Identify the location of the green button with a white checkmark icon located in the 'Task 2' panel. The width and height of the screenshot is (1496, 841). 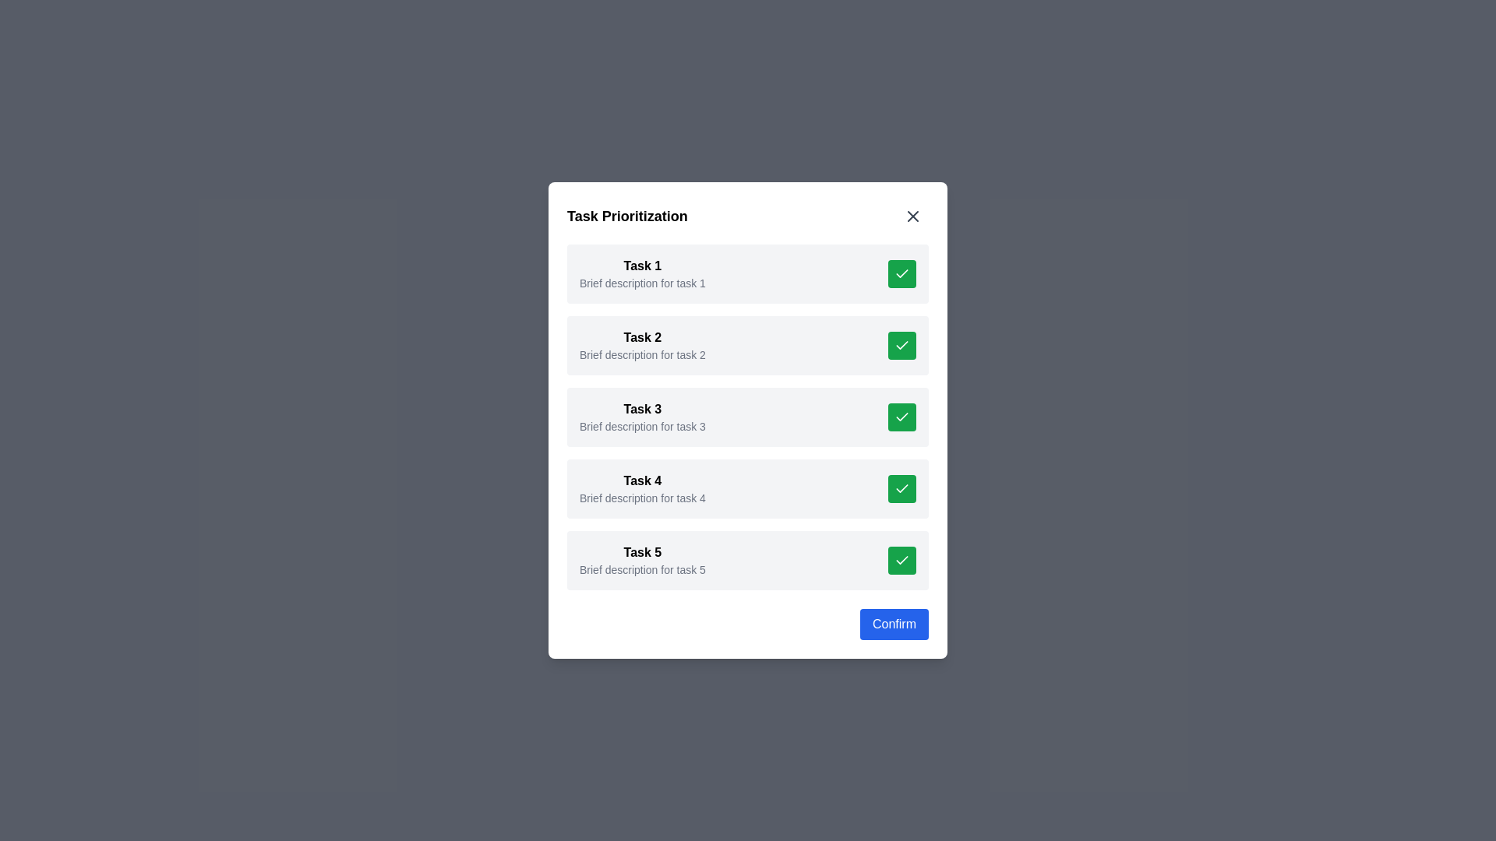
(901, 344).